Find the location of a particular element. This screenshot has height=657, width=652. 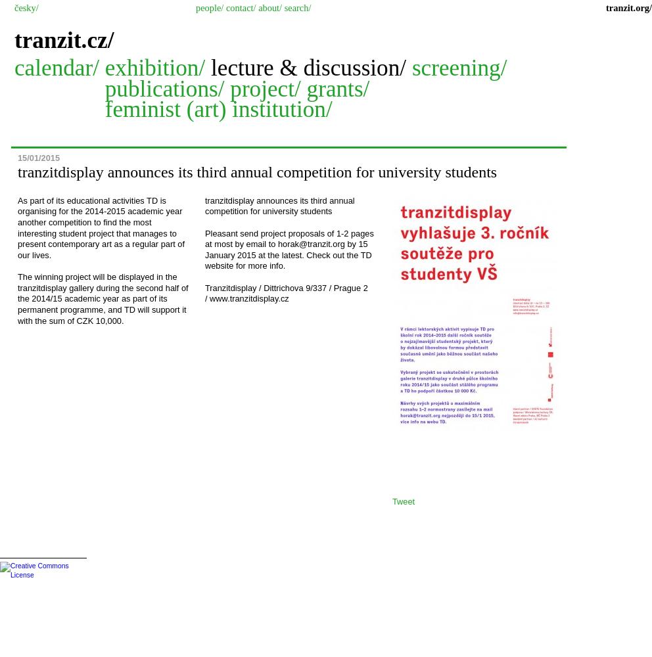

'/ www.tranzitdisplay.cz' is located at coordinates (246, 298).